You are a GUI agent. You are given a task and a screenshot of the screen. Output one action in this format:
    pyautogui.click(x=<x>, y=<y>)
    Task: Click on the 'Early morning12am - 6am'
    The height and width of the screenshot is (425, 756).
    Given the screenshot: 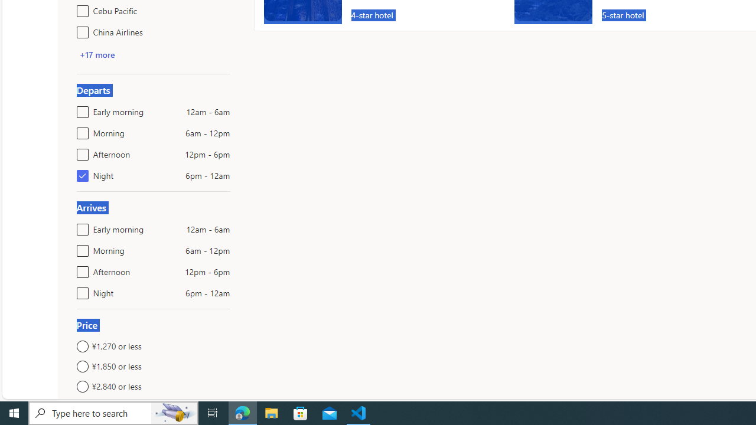 What is the action you would take?
    pyautogui.click(x=80, y=227)
    